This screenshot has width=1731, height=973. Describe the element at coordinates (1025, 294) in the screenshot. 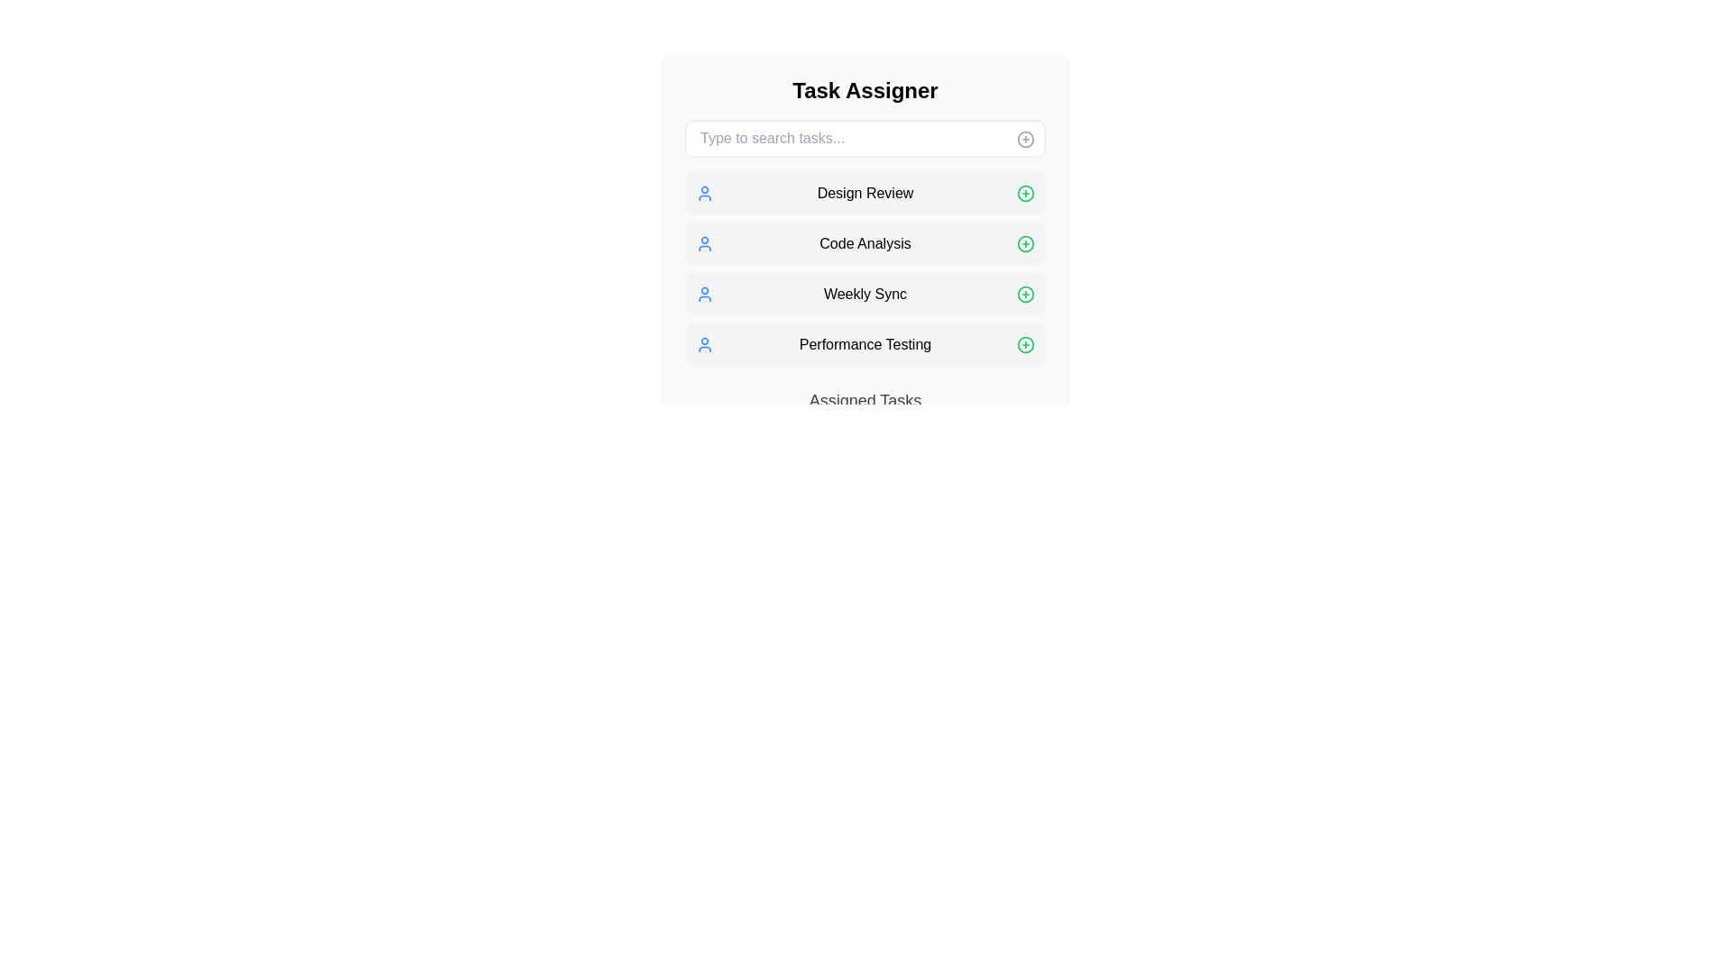

I see `the interactive circular icon with a green border and a plus symbol inside, located at the far right of the third list item labeled 'Weekly Sync.'` at that location.